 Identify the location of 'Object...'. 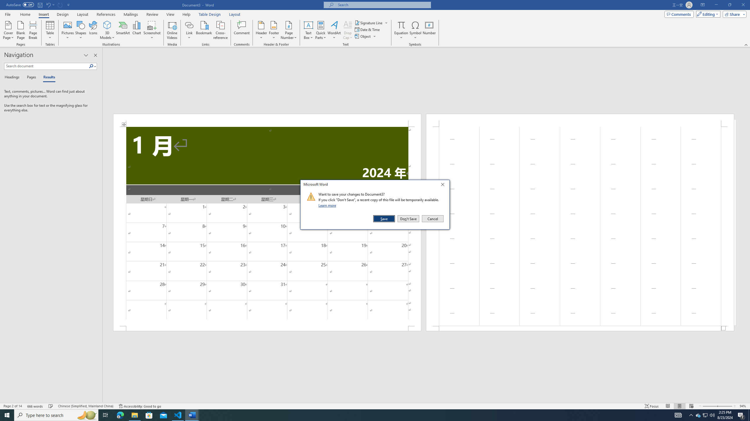
(363, 36).